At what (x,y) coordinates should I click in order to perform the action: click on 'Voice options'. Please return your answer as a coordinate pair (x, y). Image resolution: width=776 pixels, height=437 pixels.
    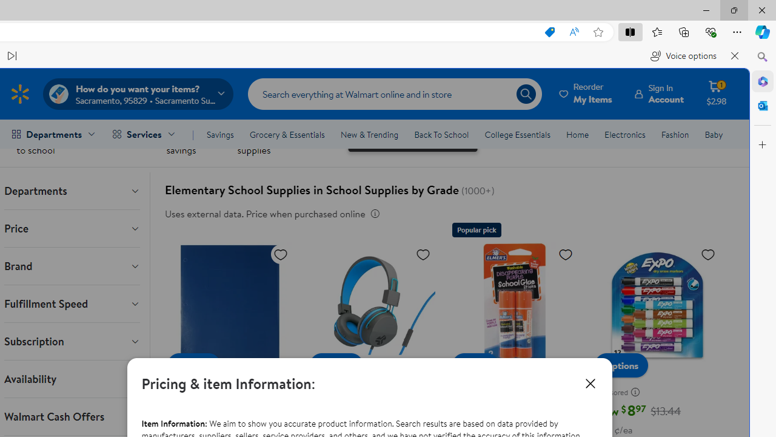
    Looking at the image, I should click on (683, 56).